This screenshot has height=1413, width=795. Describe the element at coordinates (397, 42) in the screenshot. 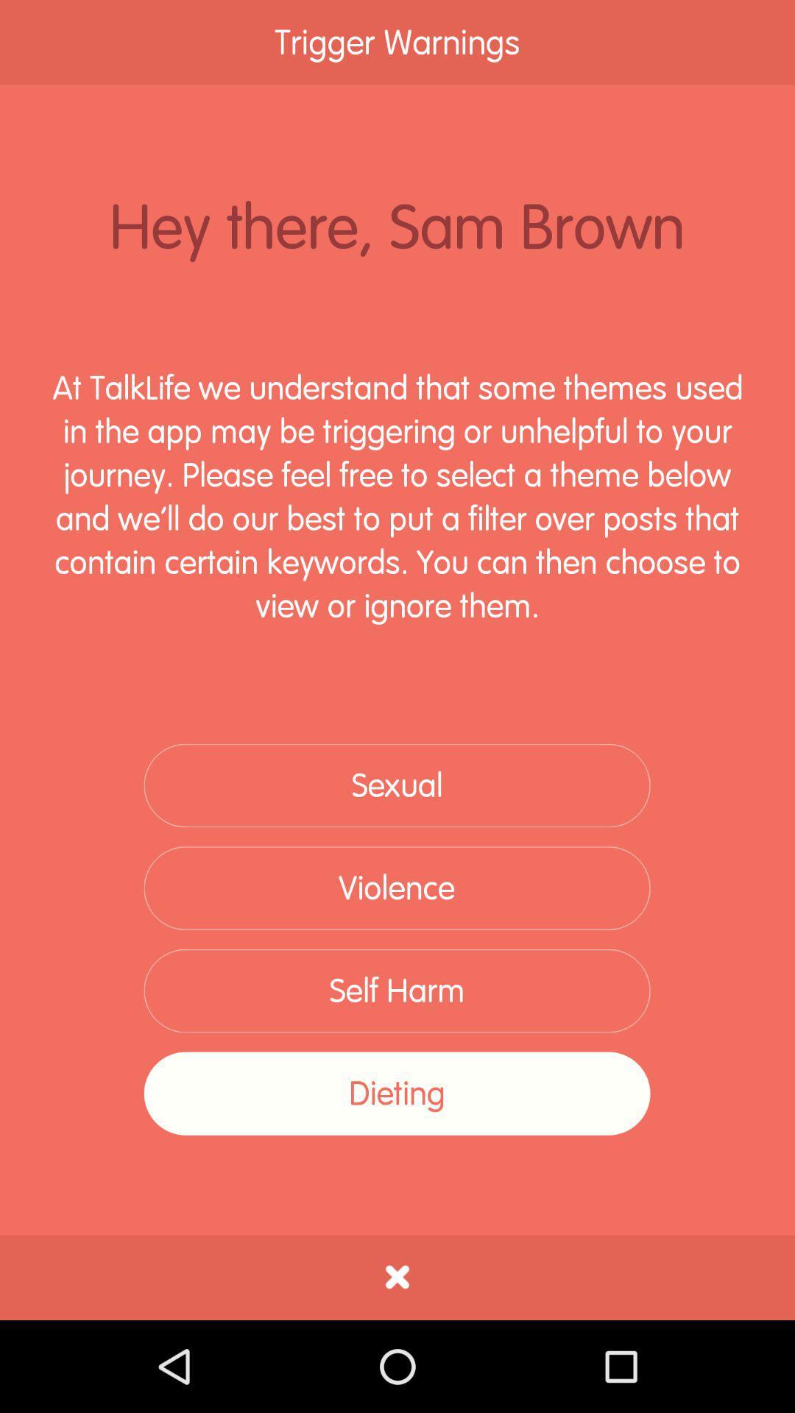

I see `trigger warnings icon` at that location.